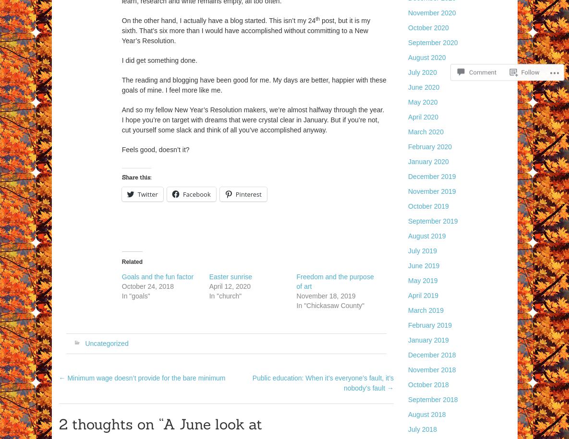  I want to click on 'May 2019', so click(408, 280).